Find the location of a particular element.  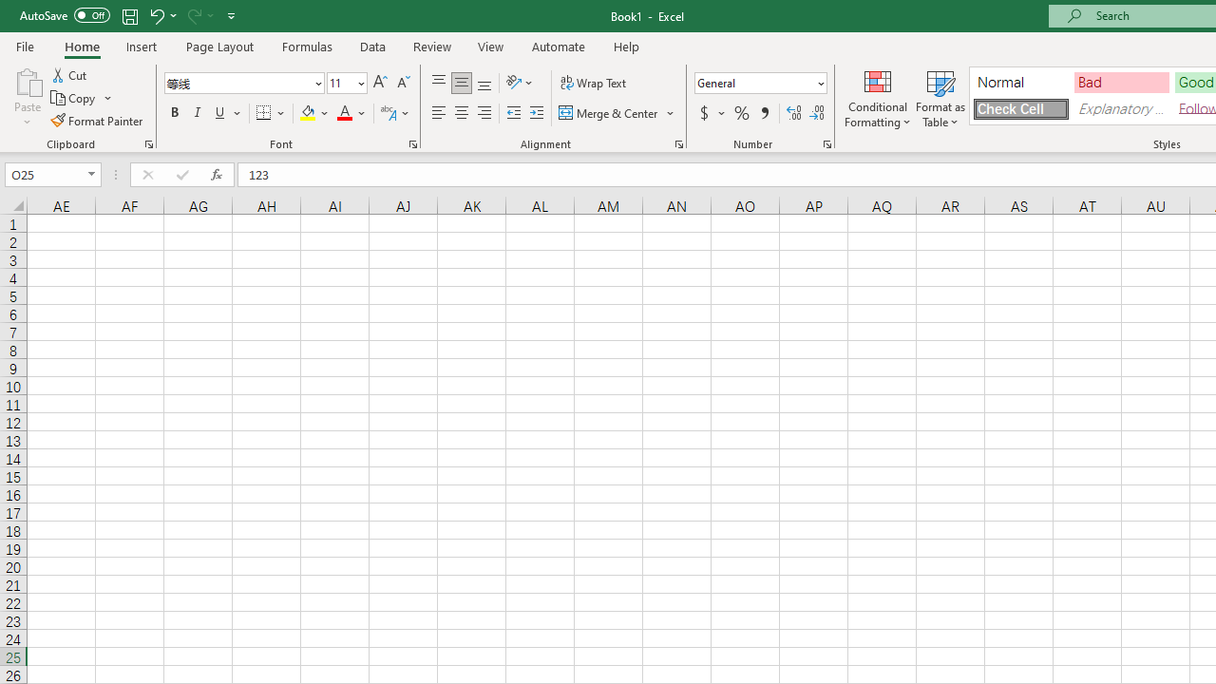

'Check Cell' is located at coordinates (1019, 108).